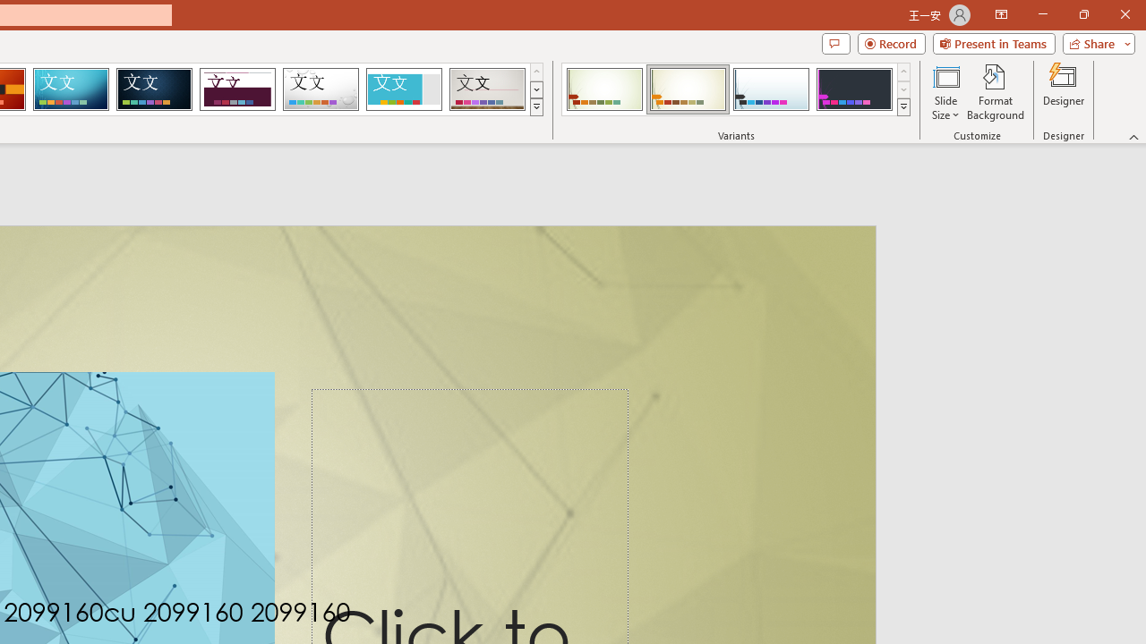  Describe the element at coordinates (321, 89) in the screenshot. I see `'Droplet Loading Preview...'` at that location.